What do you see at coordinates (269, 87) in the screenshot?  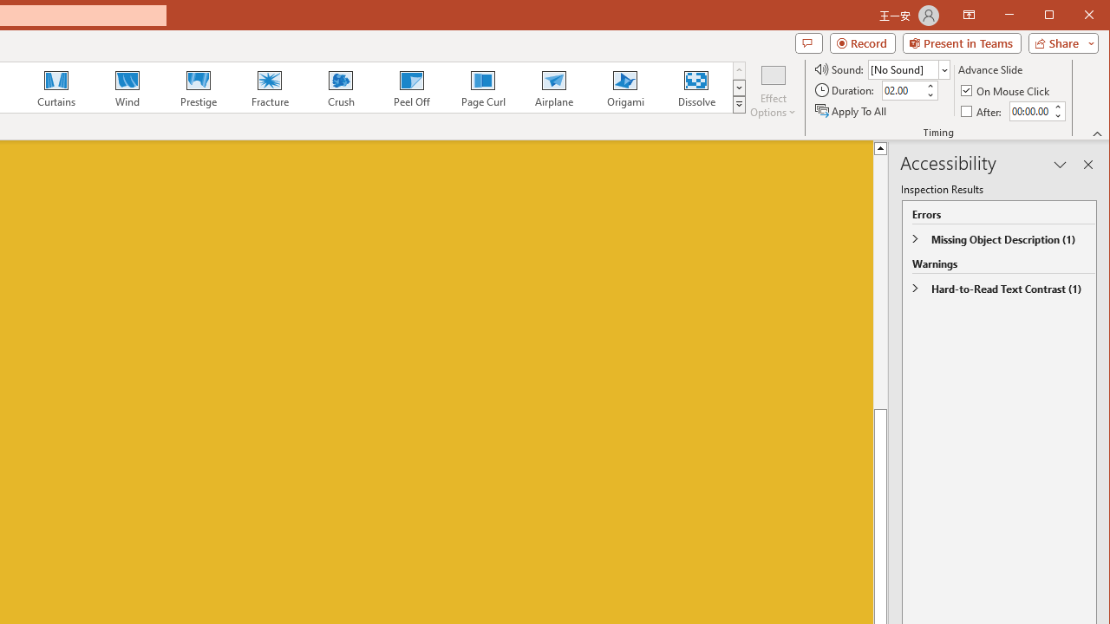 I see `'Fracture'` at bounding box center [269, 87].